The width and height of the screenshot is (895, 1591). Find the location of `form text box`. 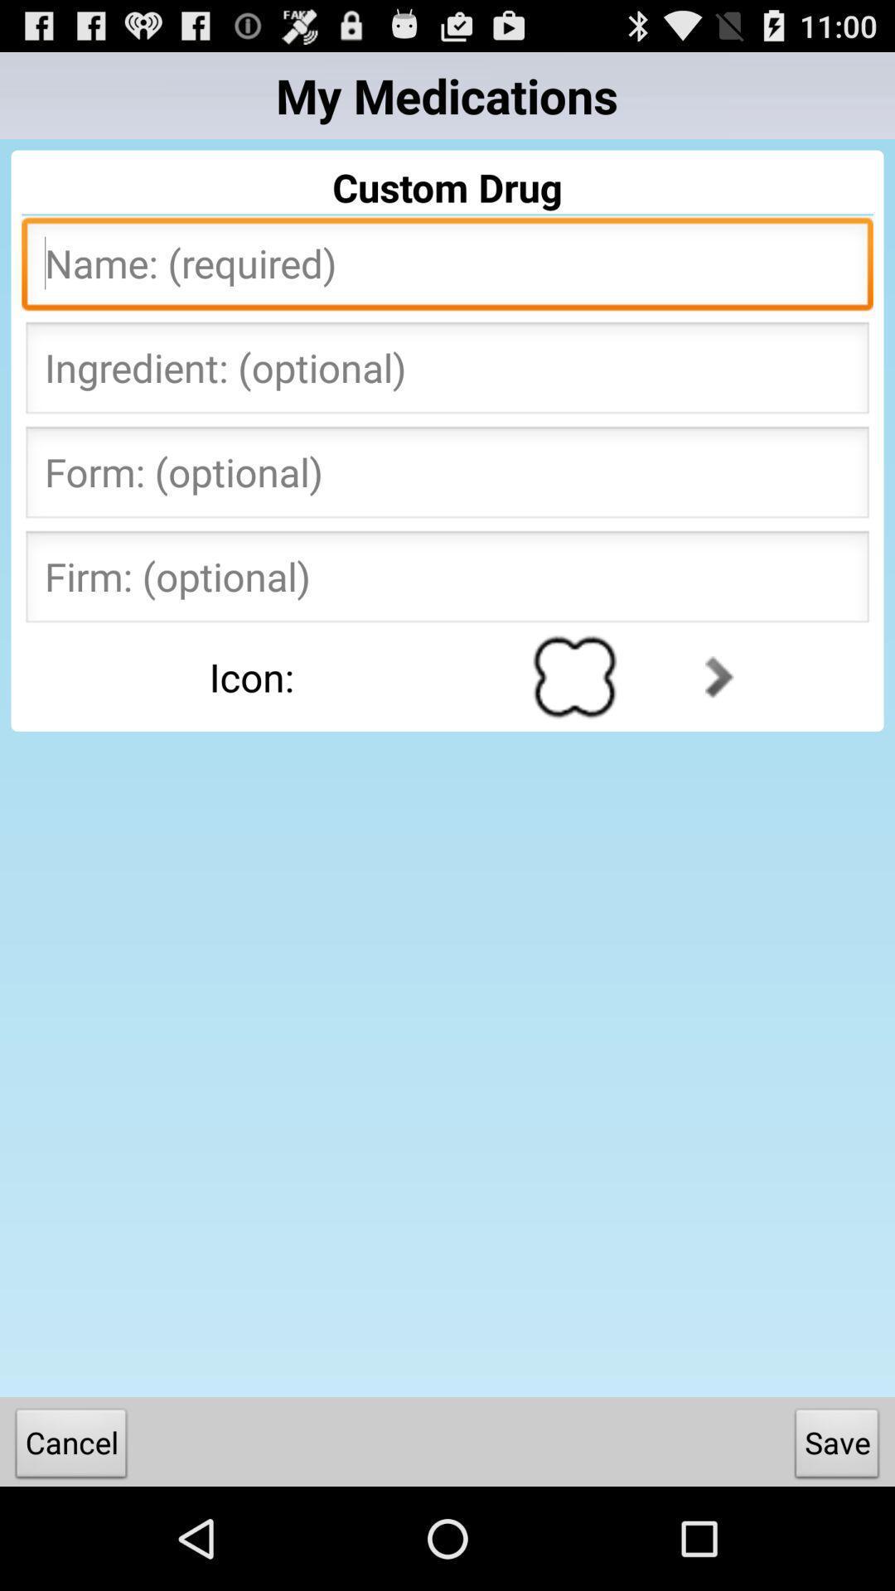

form text box is located at coordinates (447, 476).